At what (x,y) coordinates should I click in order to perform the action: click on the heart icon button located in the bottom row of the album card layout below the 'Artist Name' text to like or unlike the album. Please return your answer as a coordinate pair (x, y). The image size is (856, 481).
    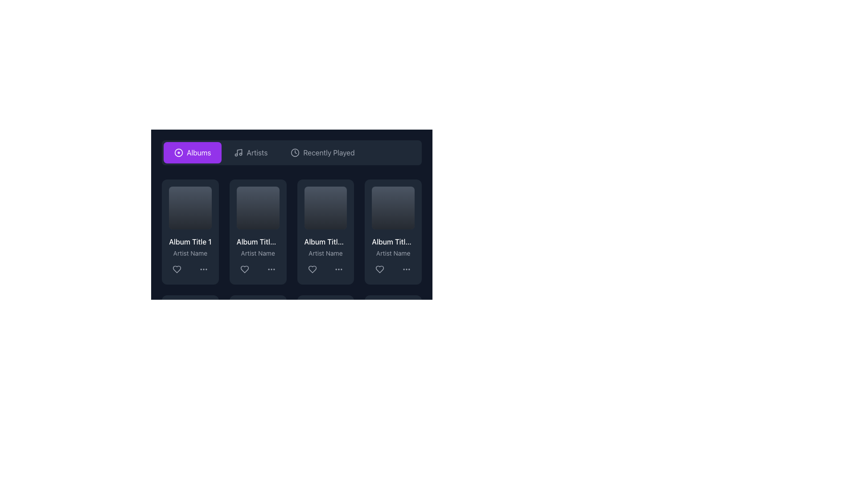
    Looking at the image, I should click on (312, 269).